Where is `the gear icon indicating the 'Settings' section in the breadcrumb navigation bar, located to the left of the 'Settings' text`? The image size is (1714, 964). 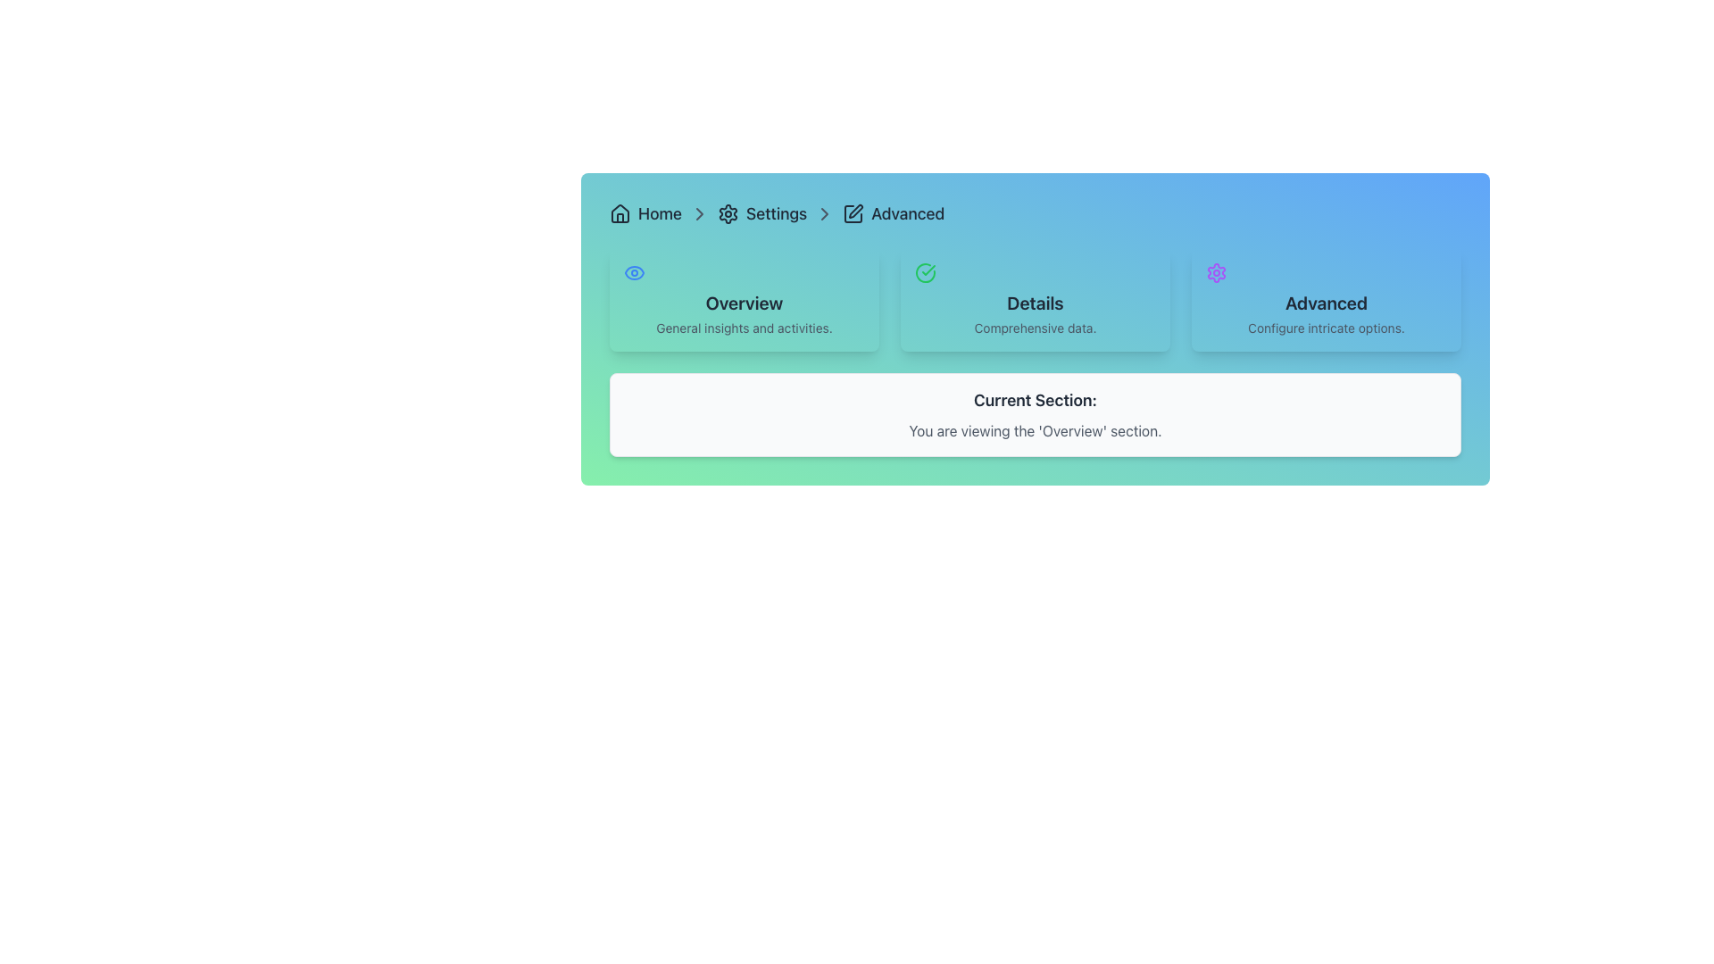 the gear icon indicating the 'Settings' section in the breadcrumb navigation bar, located to the left of the 'Settings' text is located at coordinates (728, 212).